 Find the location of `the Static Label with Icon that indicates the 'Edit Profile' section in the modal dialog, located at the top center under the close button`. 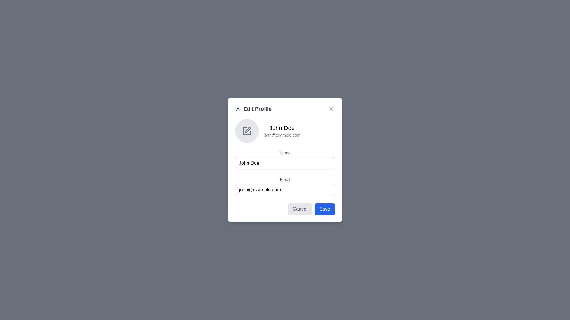

the Static Label with Icon that indicates the 'Edit Profile' section in the modal dialog, located at the top center under the close button is located at coordinates (253, 109).